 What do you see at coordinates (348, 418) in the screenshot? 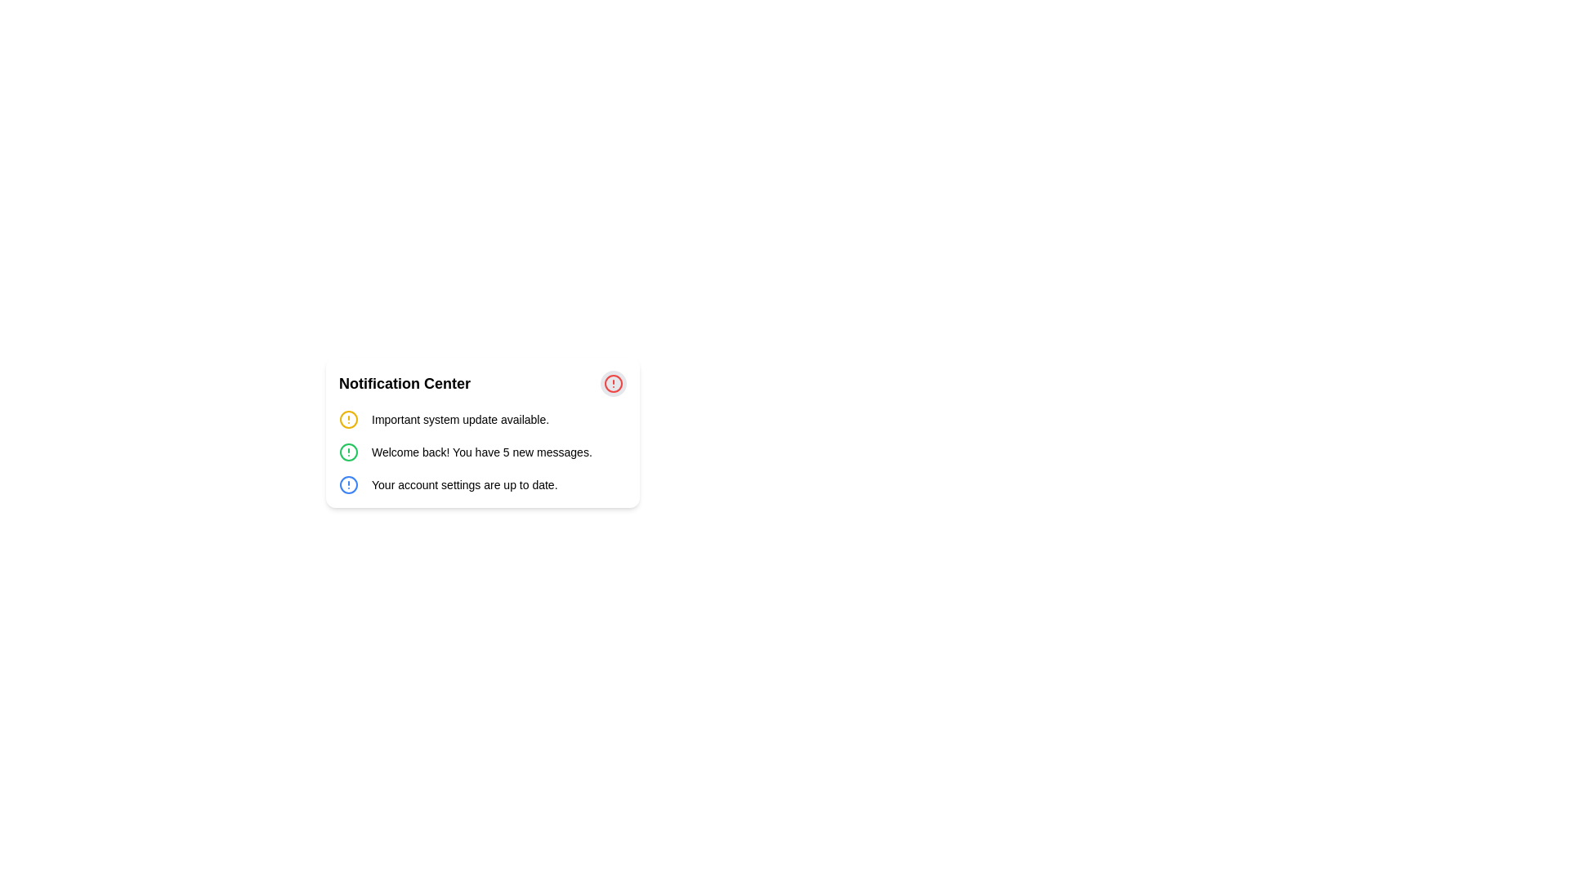
I see `the circular alert icon indicating a notification for an important system update, located in the top-right section of the notification card` at bounding box center [348, 418].